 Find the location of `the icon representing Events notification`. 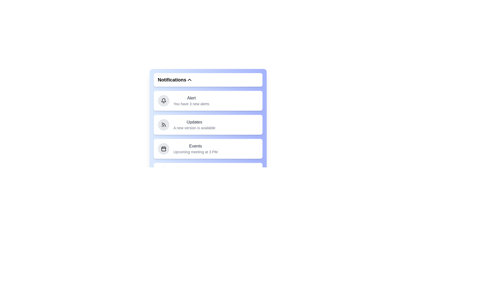

the icon representing Events notification is located at coordinates (163, 149).